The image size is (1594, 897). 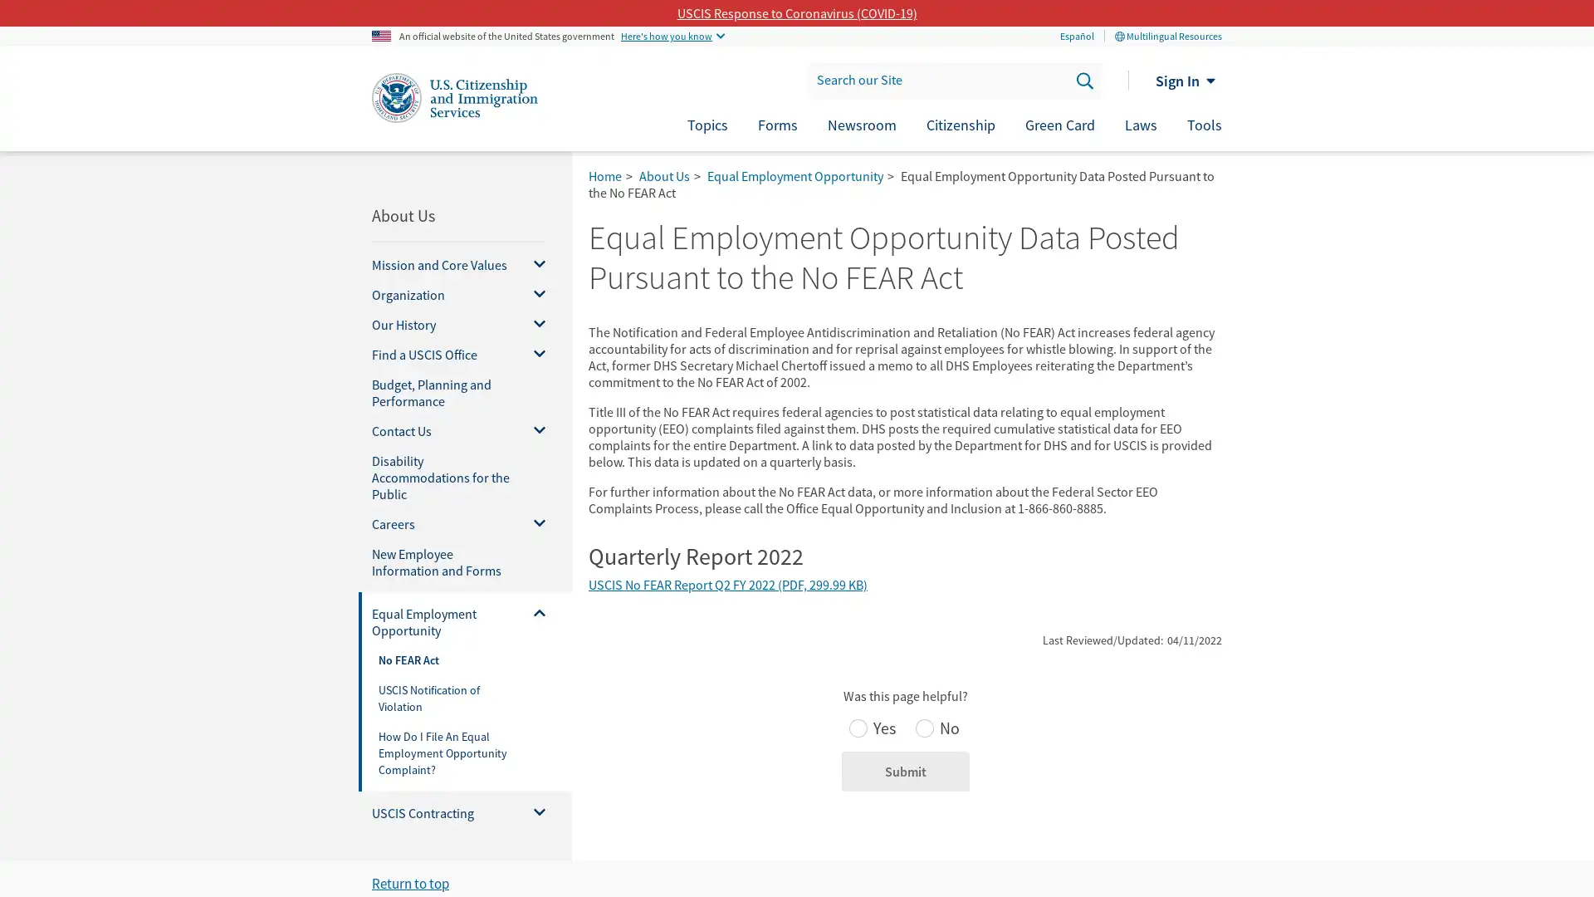 What do you see at coordinates (533, 524) in the screenshot?
I see `Toggle menu for Careers` at bounding box center [533, 524].